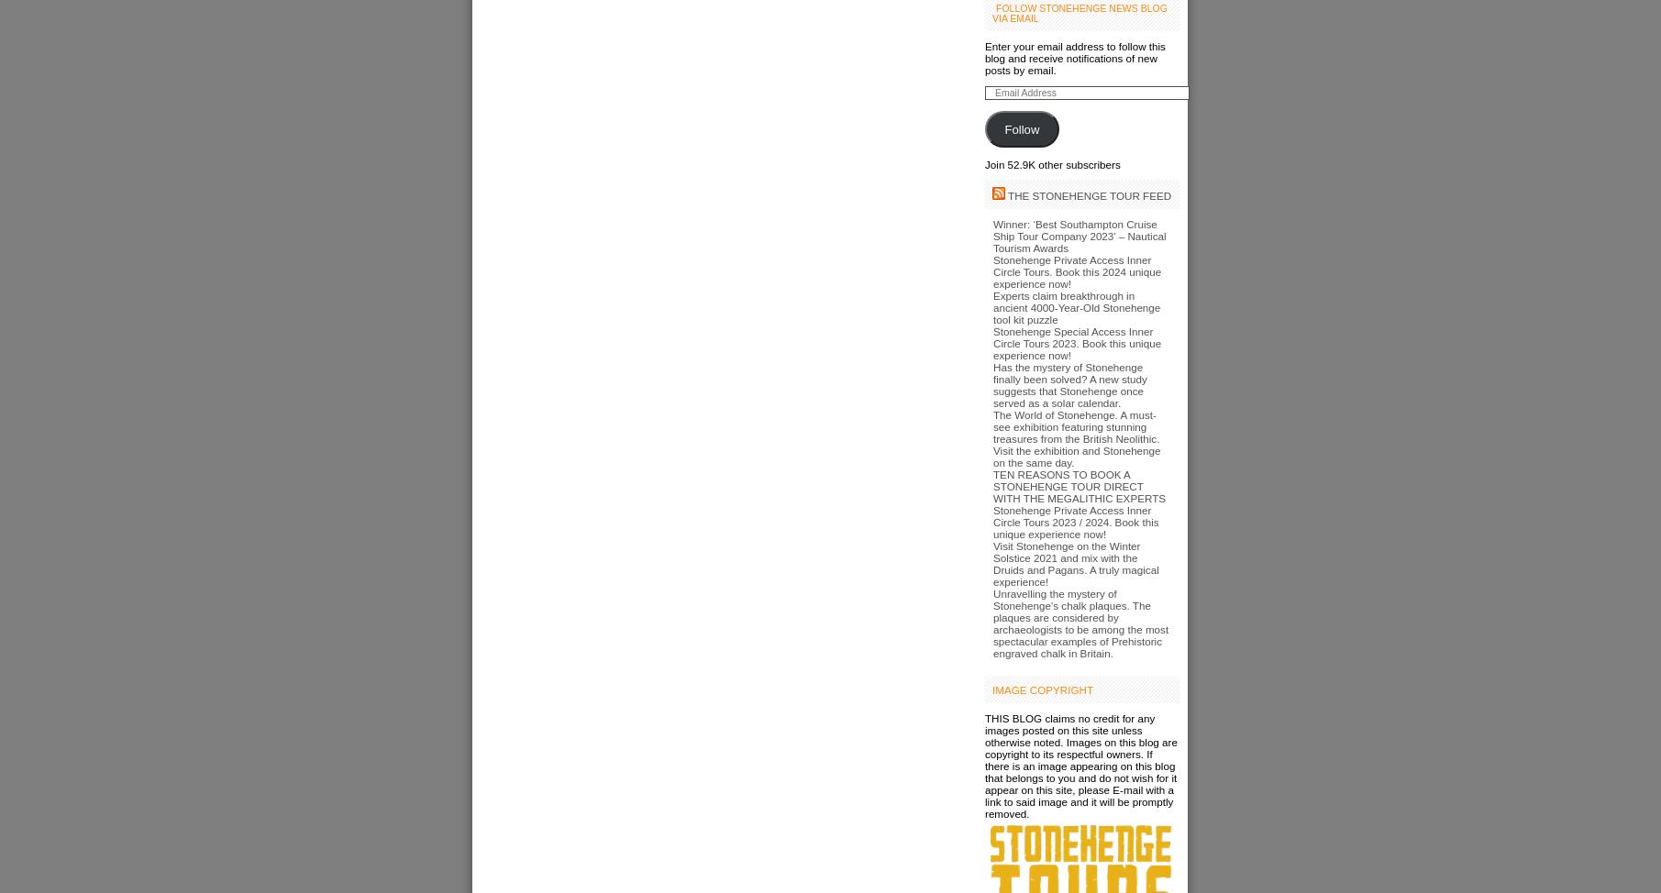  Describe the element at coordinates (1078, 13) in the screenshot. I see `'Follow Stonehenge News Blog via Email'` at that location.